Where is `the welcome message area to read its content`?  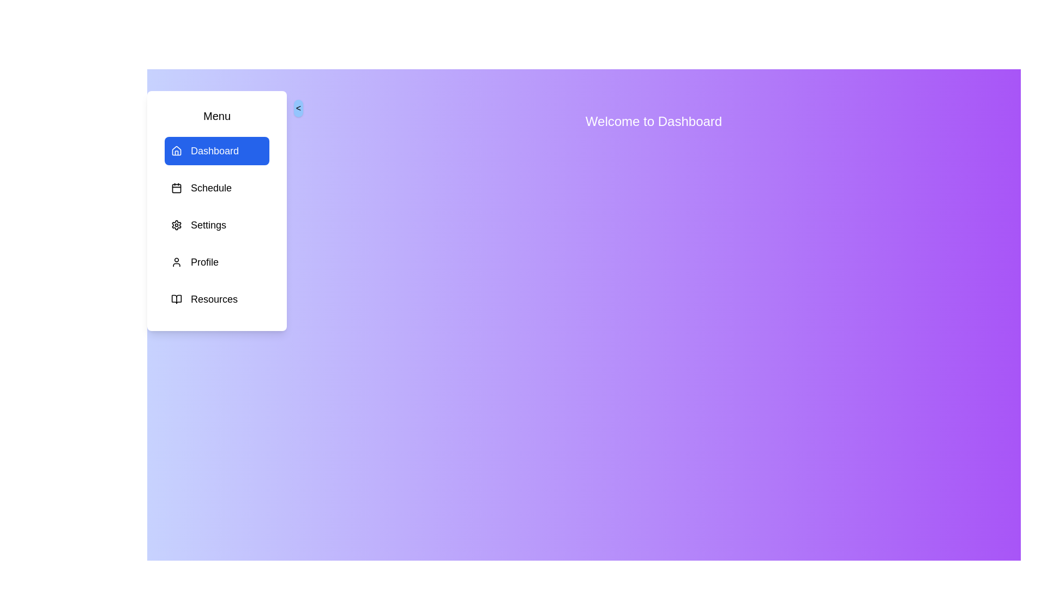
the welcome message area to read its content is located at coordinates (654, 122).